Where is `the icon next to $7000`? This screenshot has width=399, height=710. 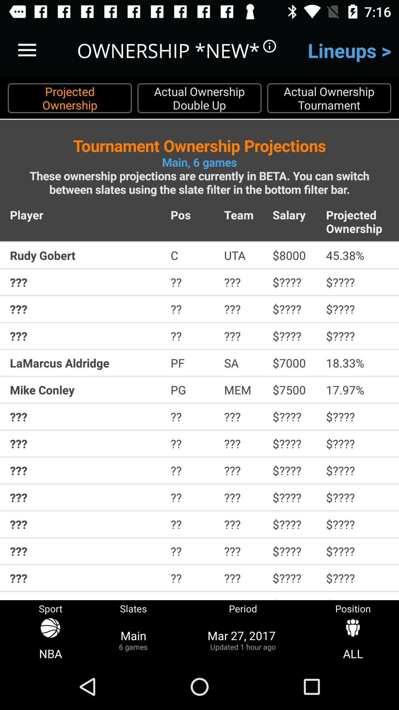 the icon next to $7000 is located at coordinates (357, 363).